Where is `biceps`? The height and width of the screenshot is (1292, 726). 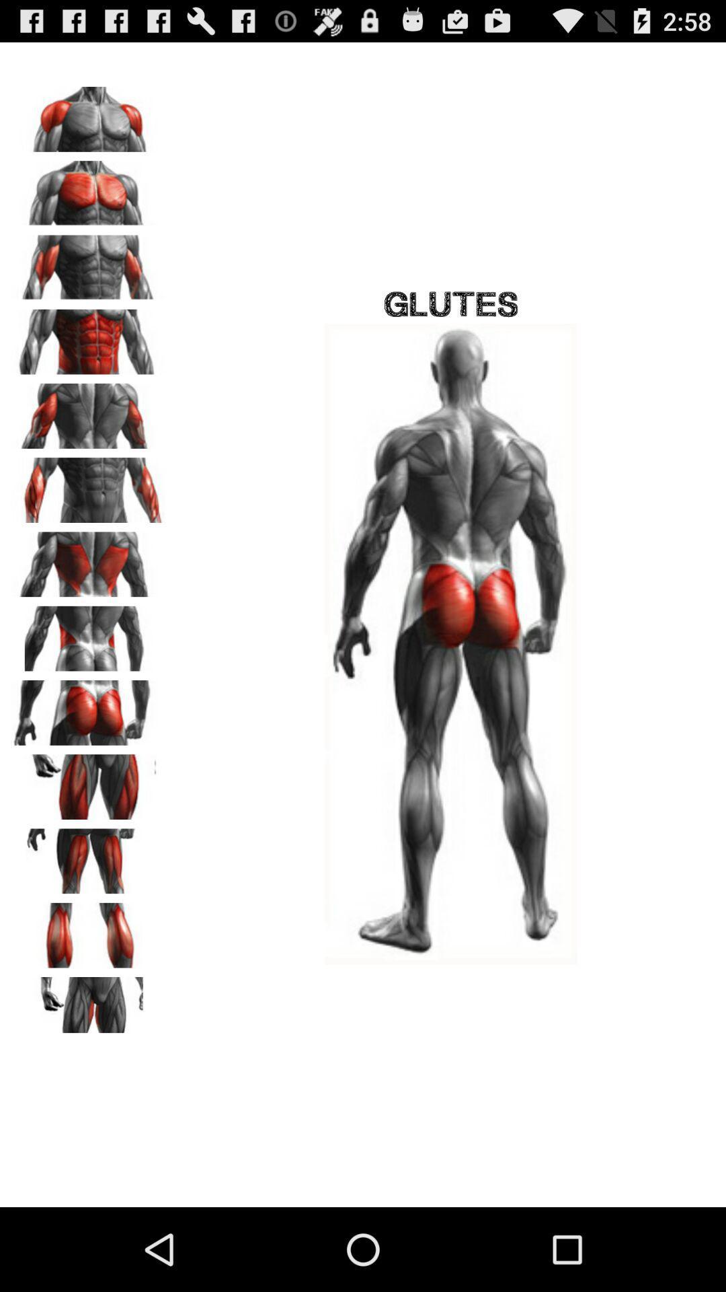
biceps is located at coordinates (88, 263).